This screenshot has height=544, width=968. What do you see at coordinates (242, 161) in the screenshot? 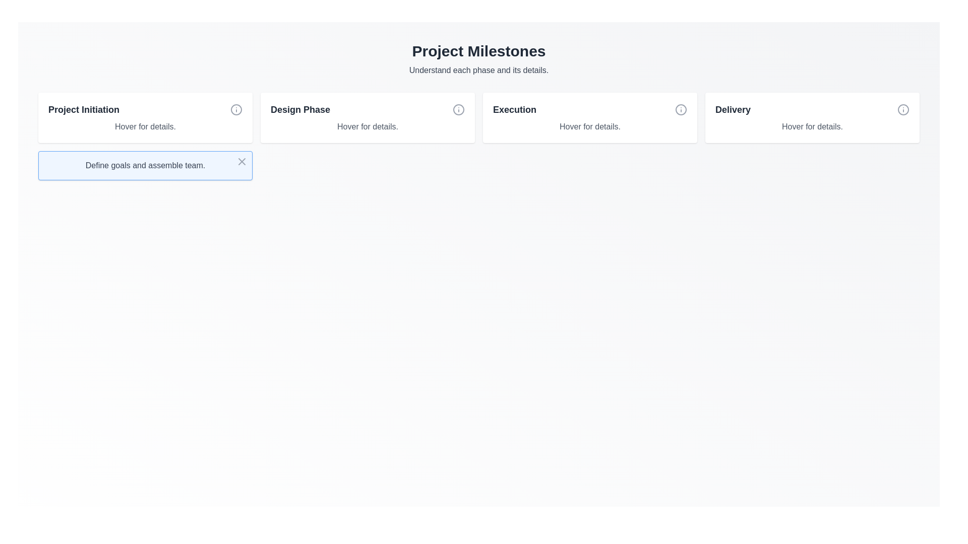
I see `the cancel or close icon button located in the bottom right corner of the 'Define goals and assemble team' section` at bounding box center [242, 161].